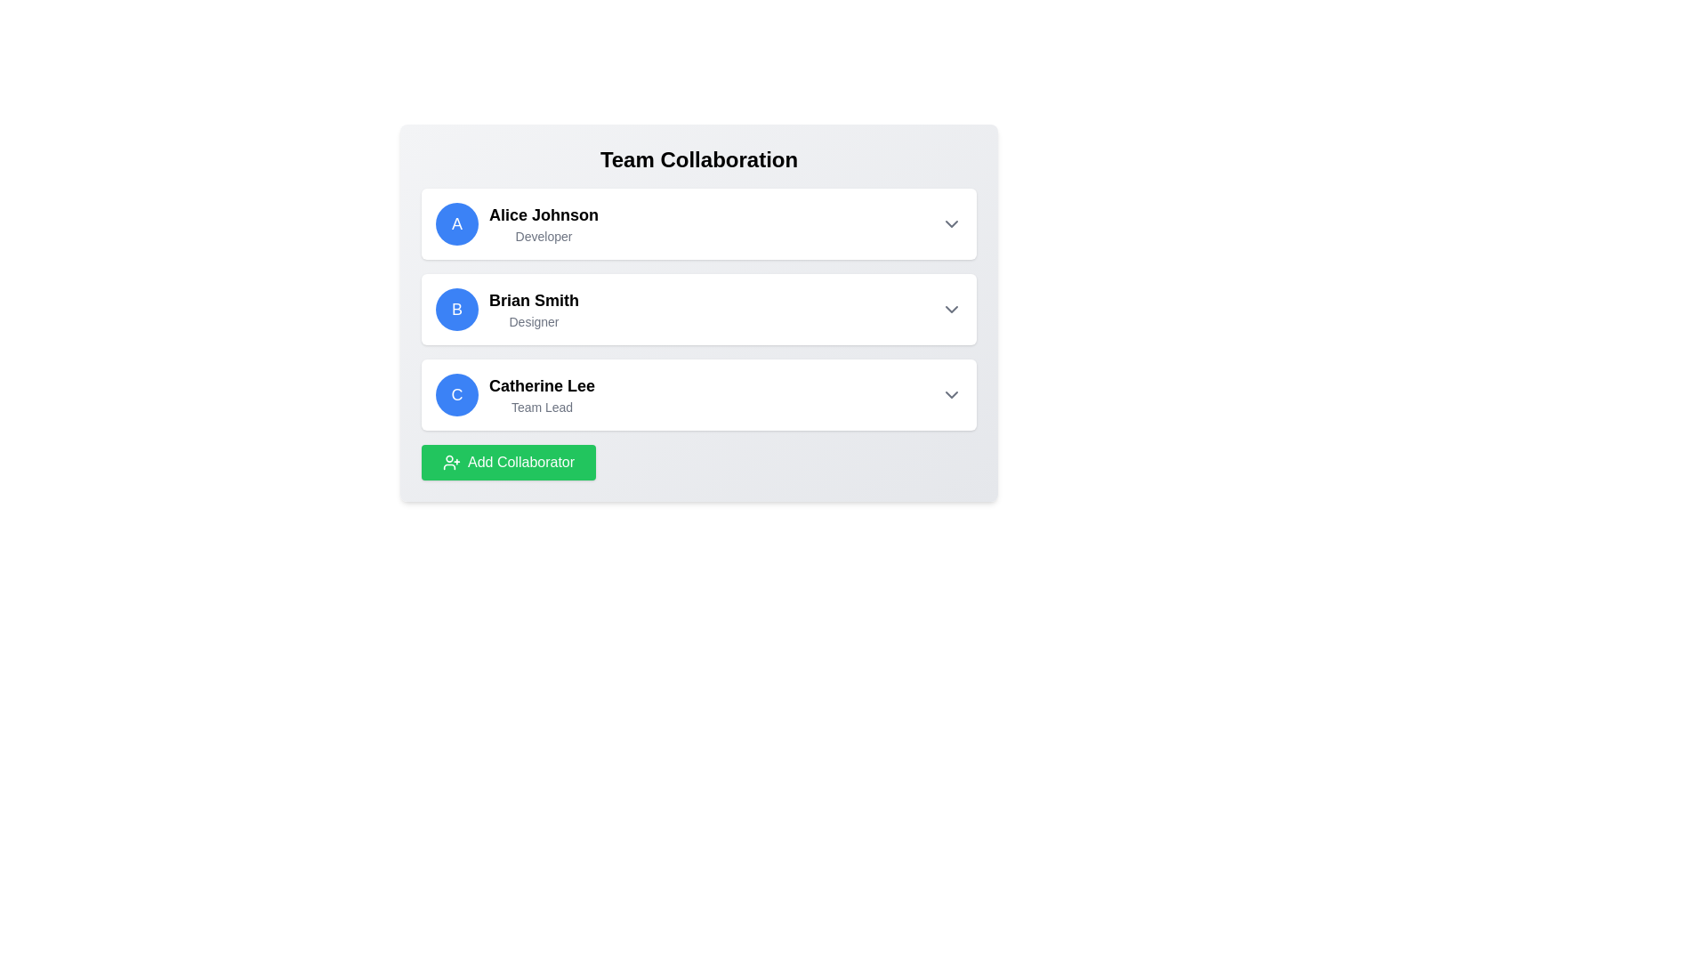  I want to click on the text label reading 'Developer' located beneath the name 'Alice Johnson' in the user card within the 'Team Collaboration' section, so click(543, 236).